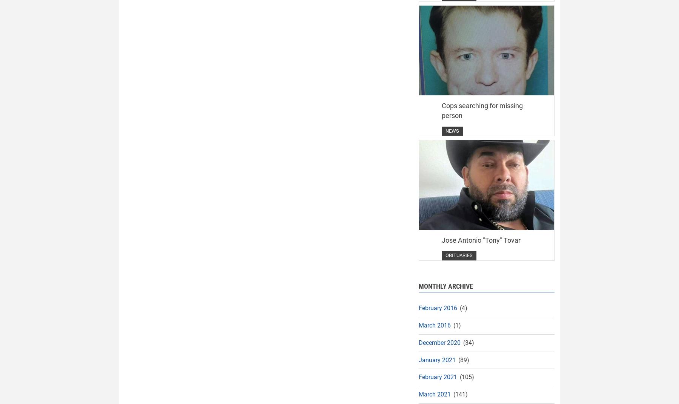 The image size is (679, 404). I want to click on 'March 2016', so click(434, 324).